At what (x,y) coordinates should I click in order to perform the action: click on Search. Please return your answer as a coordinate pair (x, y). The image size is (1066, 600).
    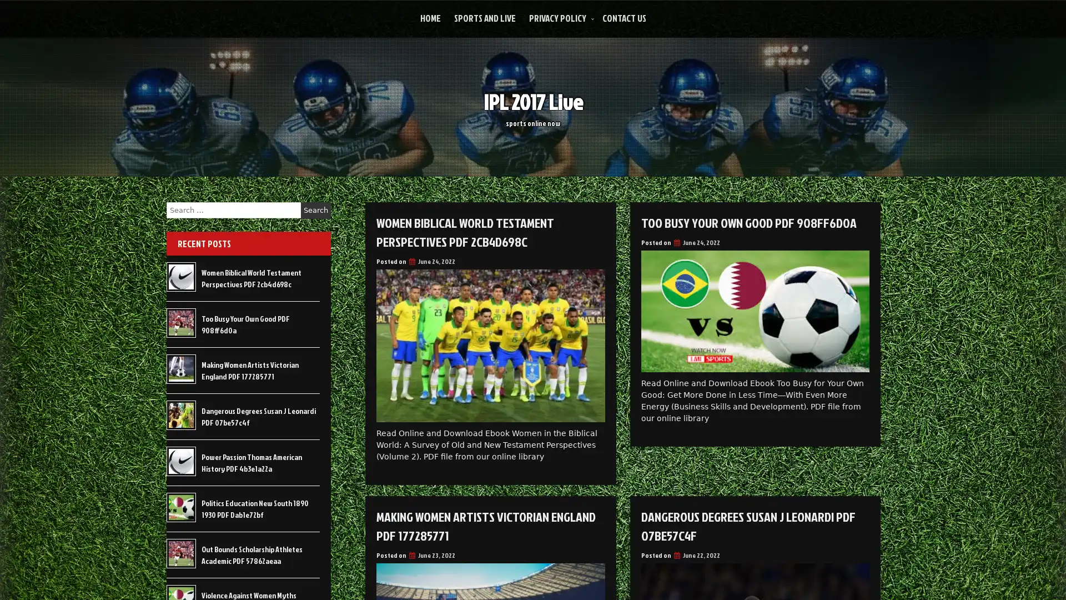
    Looking at the image, I should click on (315, 210).